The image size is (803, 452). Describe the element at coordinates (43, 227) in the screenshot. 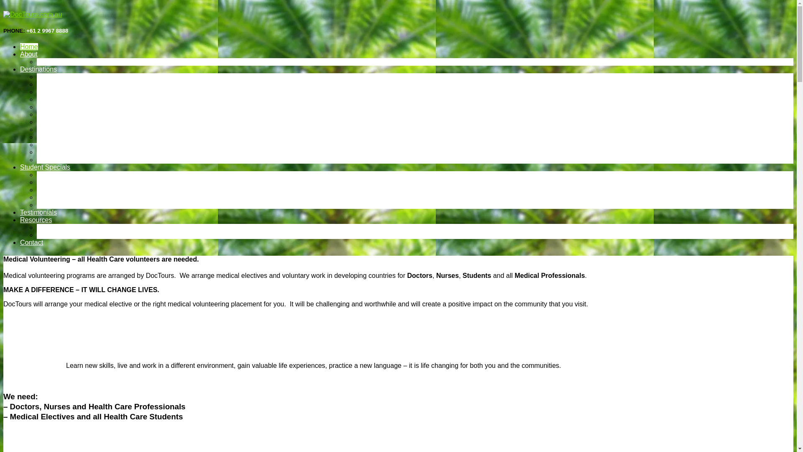

I see `'Blog'` at that location.